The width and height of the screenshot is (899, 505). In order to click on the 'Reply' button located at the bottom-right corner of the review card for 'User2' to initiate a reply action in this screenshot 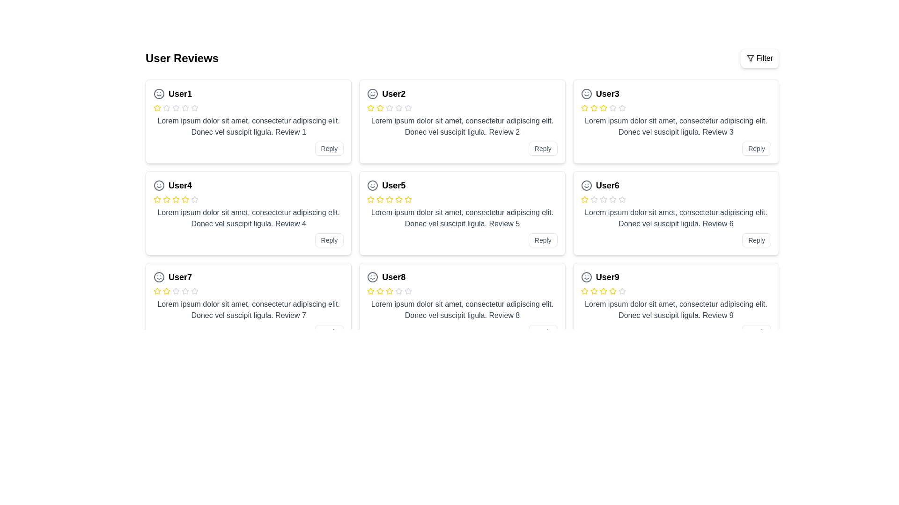, I will do `click(543, 148)`.